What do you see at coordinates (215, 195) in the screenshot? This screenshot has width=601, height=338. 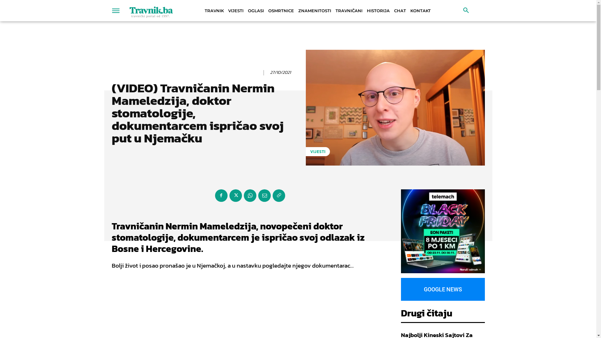 I see `'Facebook'` at bounding box center [215, 195].